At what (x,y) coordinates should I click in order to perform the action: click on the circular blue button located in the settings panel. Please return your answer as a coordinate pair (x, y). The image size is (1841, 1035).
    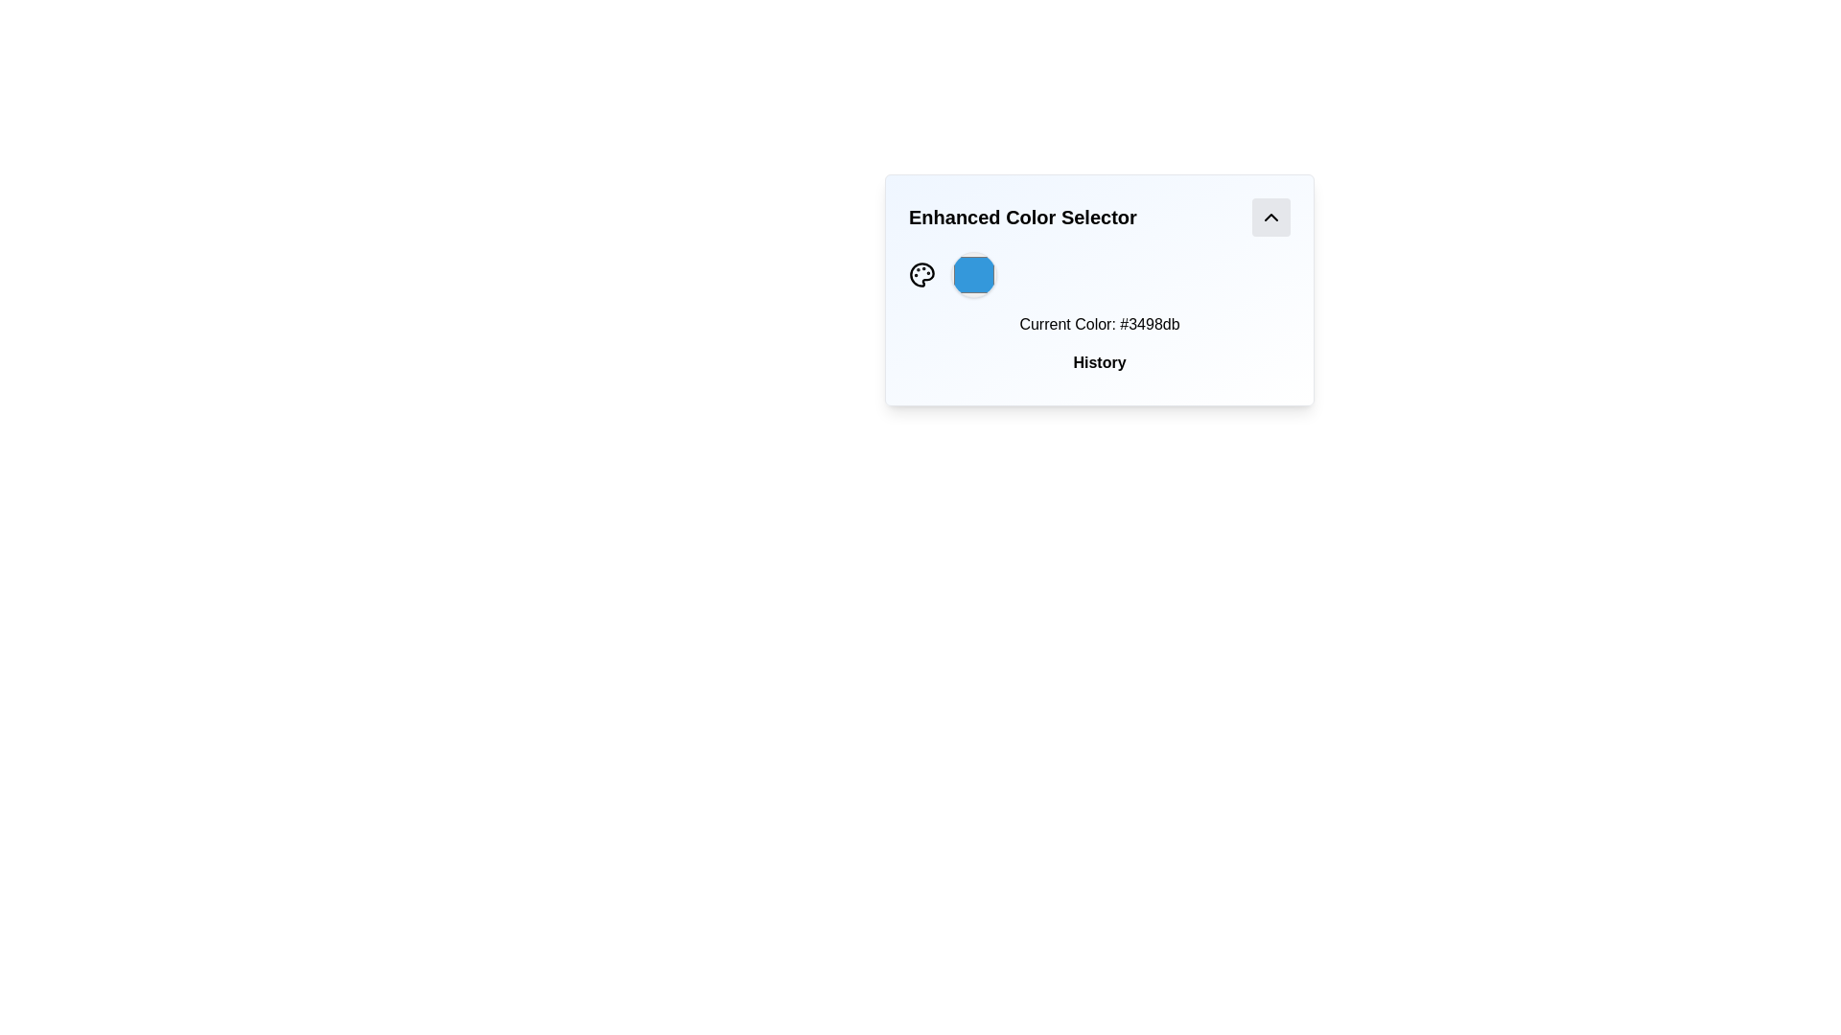
    Looking at the image, I should click on (974, 274).